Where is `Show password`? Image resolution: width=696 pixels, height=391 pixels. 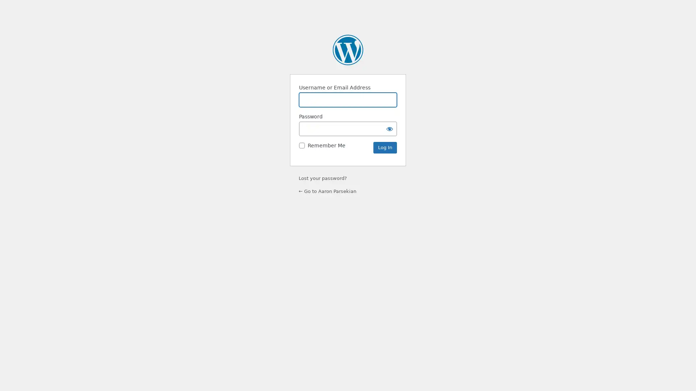 Show password is located at coordinates (389, 128).